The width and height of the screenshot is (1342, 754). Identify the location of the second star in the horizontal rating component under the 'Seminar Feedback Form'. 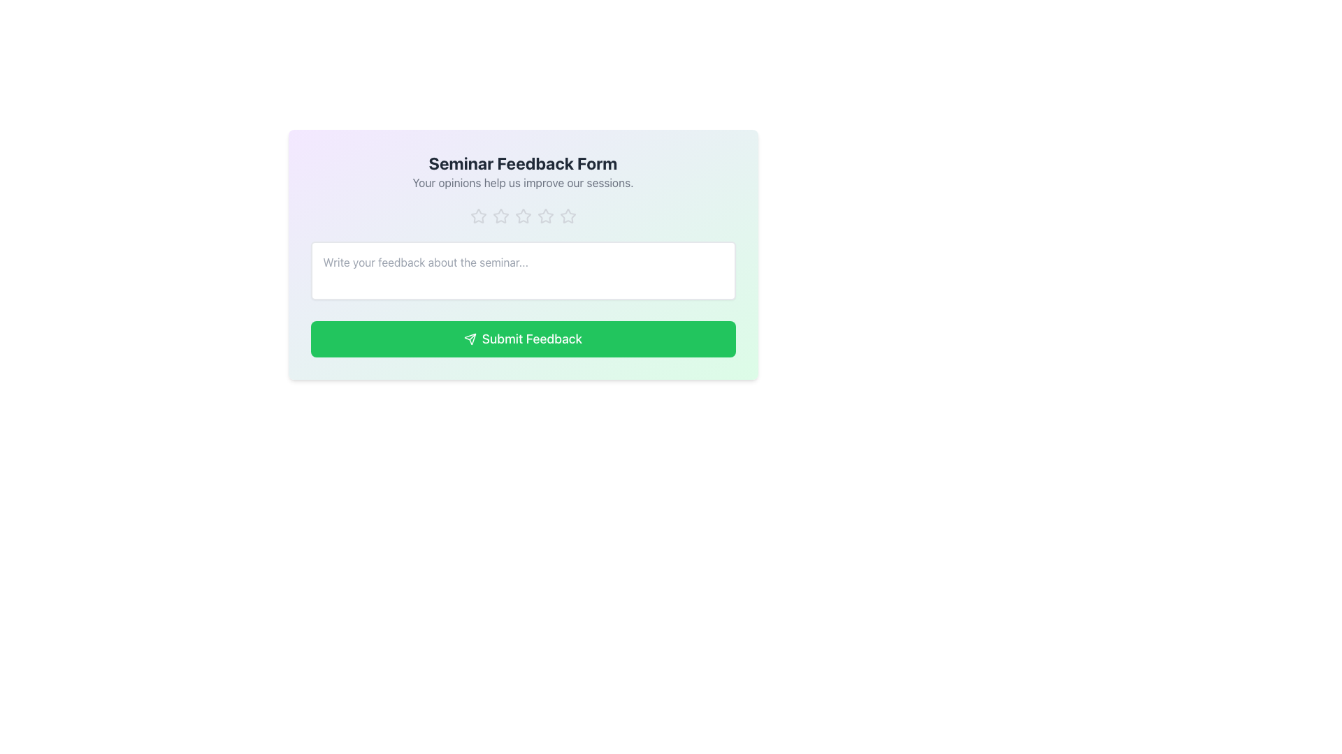
(500, 216).